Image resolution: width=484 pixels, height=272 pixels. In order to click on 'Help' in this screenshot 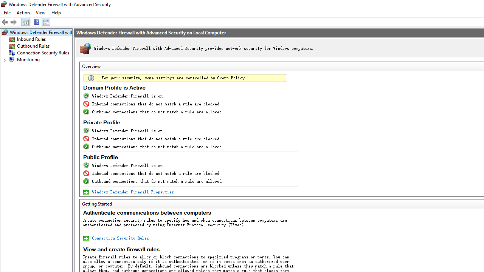, I will do `click(56, 12)`.